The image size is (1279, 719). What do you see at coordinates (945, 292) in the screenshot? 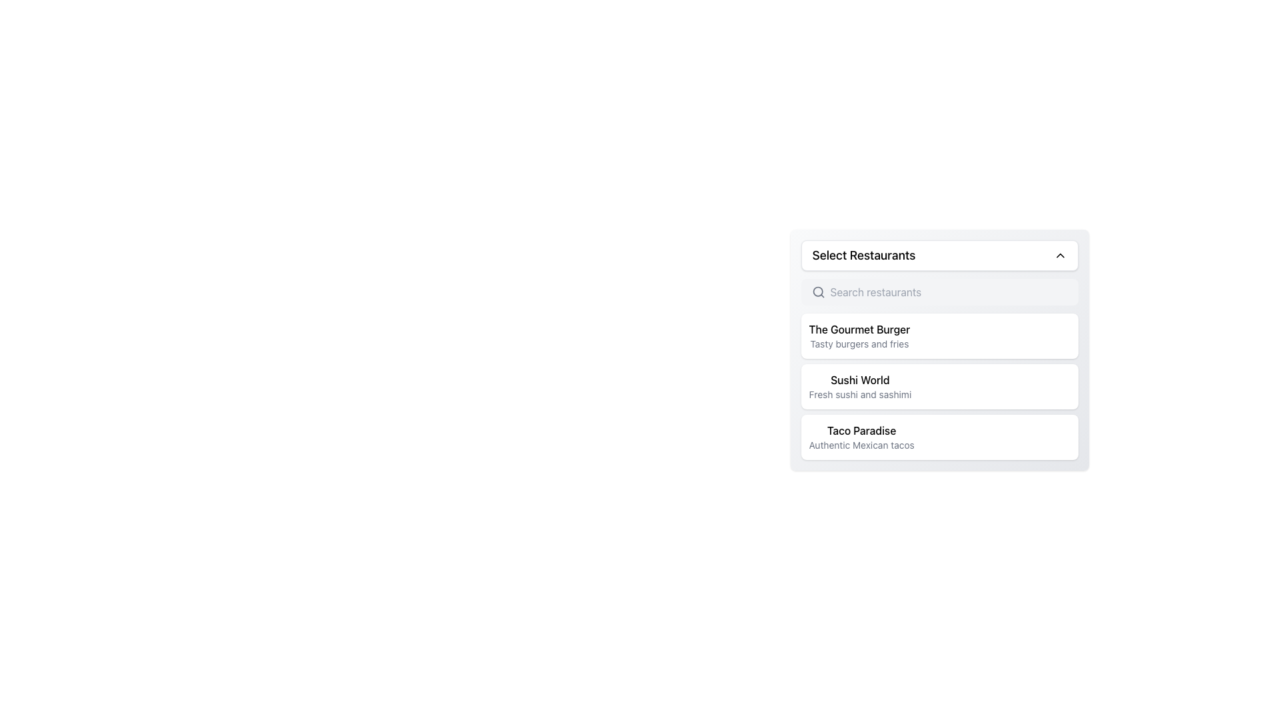
I see `and highlight text in the horizontally elongated input field with the placeholder 'Search restaurants' located at the top of the dropdown-like menu panel` at bounding box center [945, 292].